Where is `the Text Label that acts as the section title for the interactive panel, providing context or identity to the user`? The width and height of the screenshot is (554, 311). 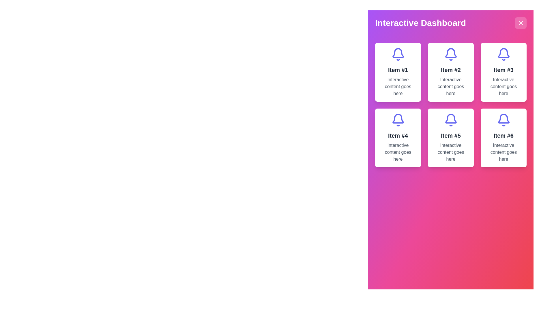 the Text Label that acts as the section title for the interactive panel, providing context or identity to the user is located at coordinates (420, 23).